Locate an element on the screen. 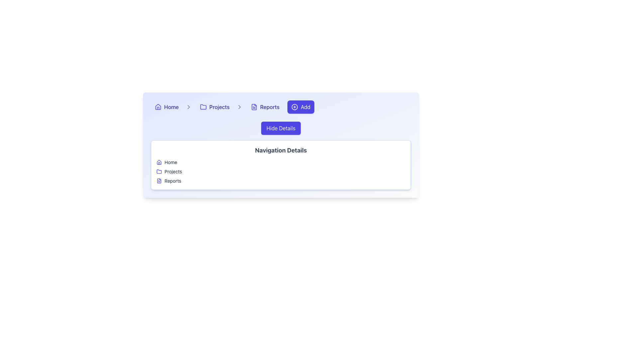 The width and height of the screenshot is (638, 358). the small gray chevron icon located in the breadcrumb navigation bar, positioned between the 'Home' and 'Projects' links is located at coordinates (188, 107).